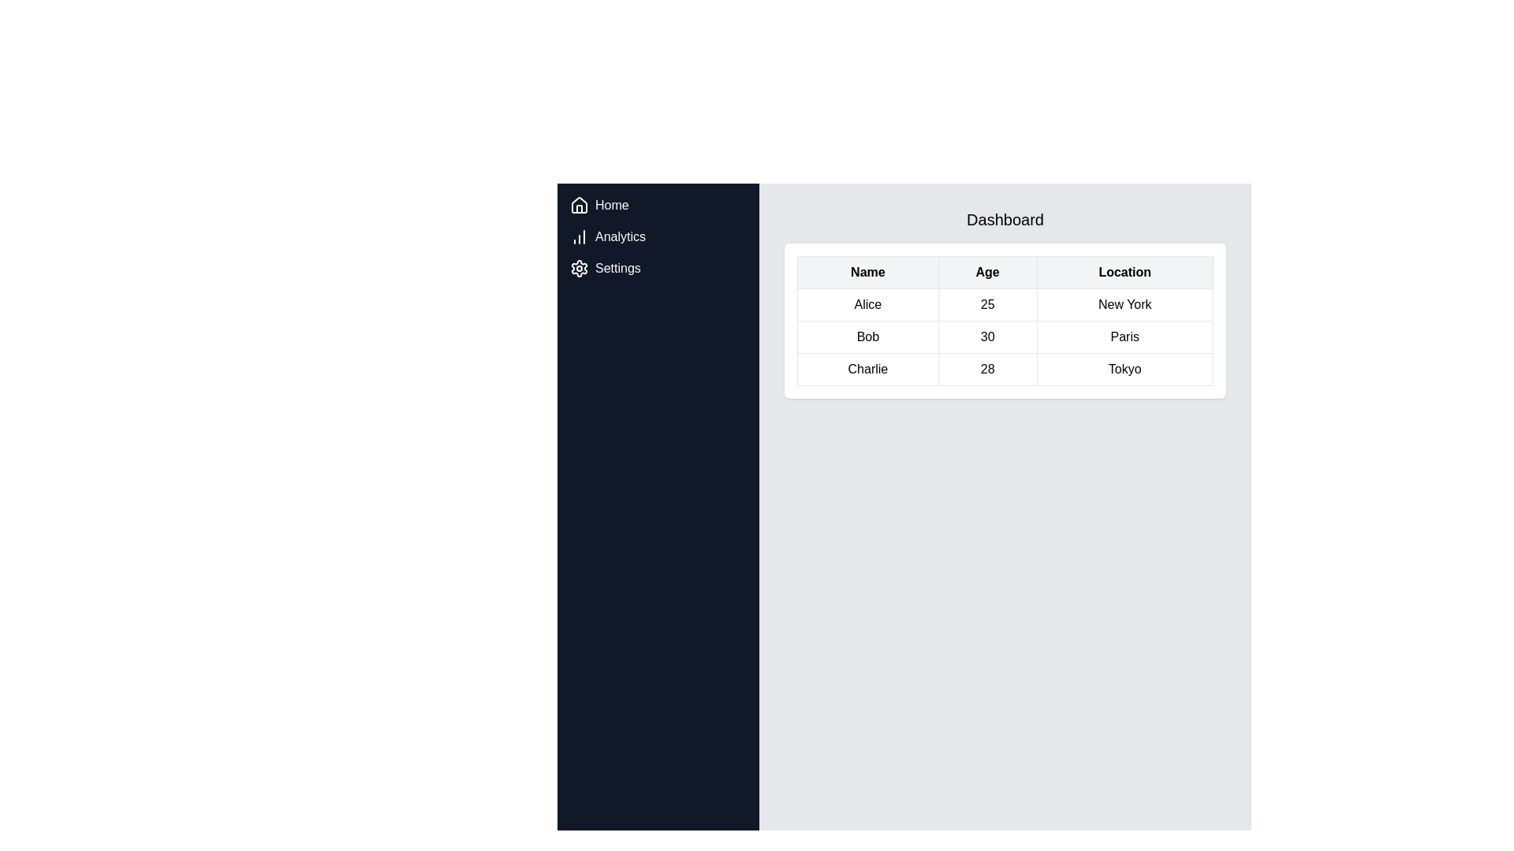 The image size is (1514, 851). I want to click on the non-interactive text display element showing the name 'Bob' in the 'Name' column of the table located in the second row and first column, so click(867, 336).